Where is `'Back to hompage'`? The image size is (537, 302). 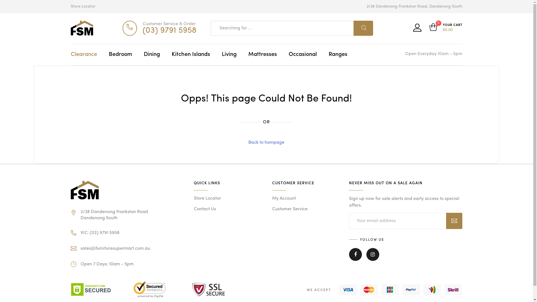 'Back to hompage' is located at coordinates (266, 142).